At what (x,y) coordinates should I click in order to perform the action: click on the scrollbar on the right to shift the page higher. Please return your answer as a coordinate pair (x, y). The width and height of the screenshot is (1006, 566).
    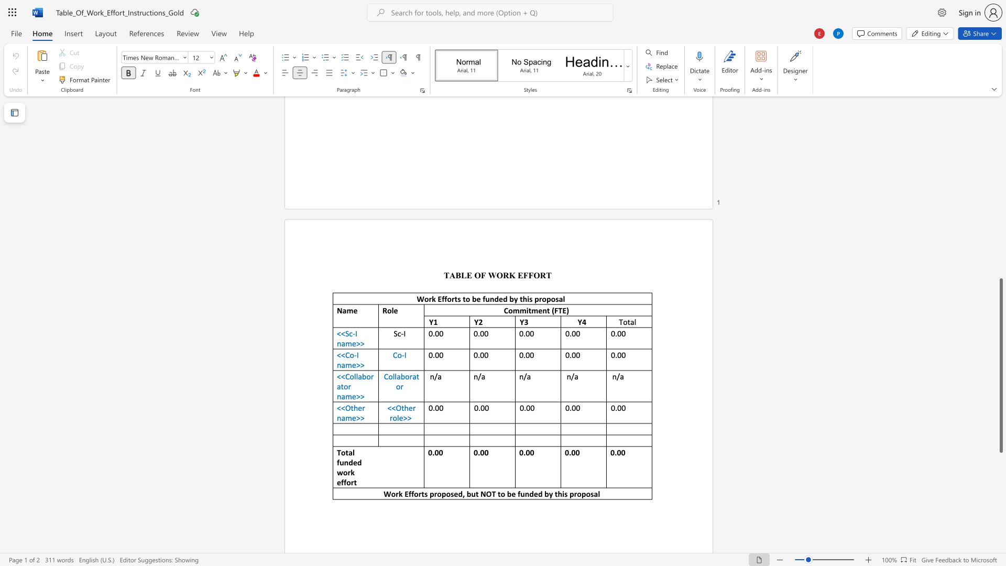
    Looking at the image, I should click on (1000, 120).